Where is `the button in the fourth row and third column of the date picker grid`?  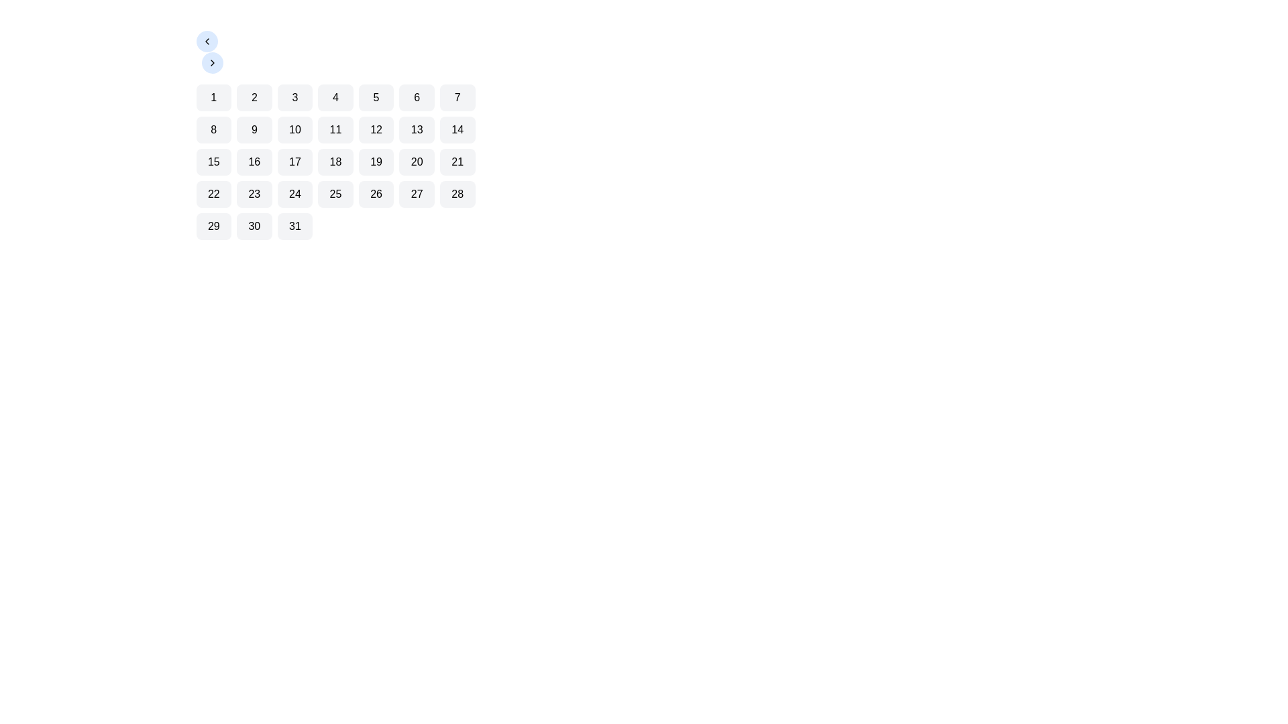
the button in the fourth row and third column of the date picker grid is located at coordinates (294, 194).